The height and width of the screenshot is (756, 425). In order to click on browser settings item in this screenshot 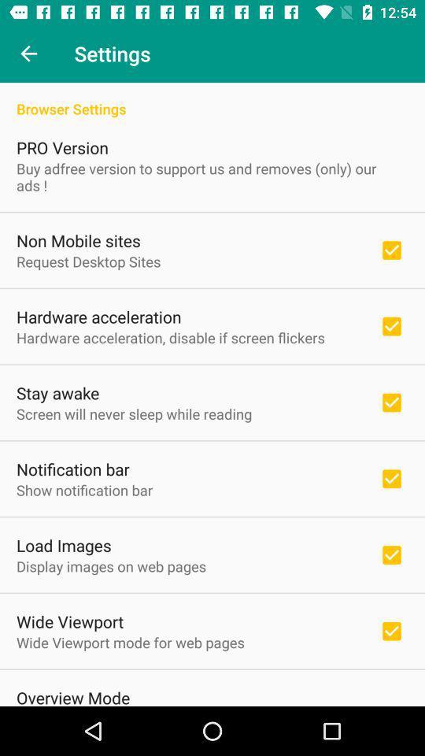, I will do `click(213, 99)`.